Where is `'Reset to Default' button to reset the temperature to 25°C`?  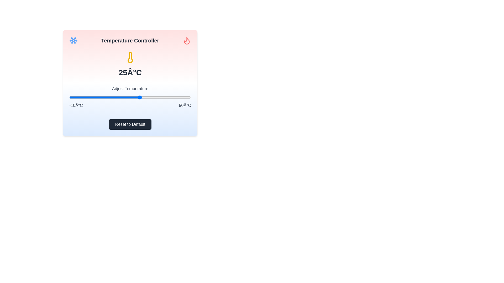
'Reset to Default' button to reset the temperature to 25°C is located at coordinates (130, 124).